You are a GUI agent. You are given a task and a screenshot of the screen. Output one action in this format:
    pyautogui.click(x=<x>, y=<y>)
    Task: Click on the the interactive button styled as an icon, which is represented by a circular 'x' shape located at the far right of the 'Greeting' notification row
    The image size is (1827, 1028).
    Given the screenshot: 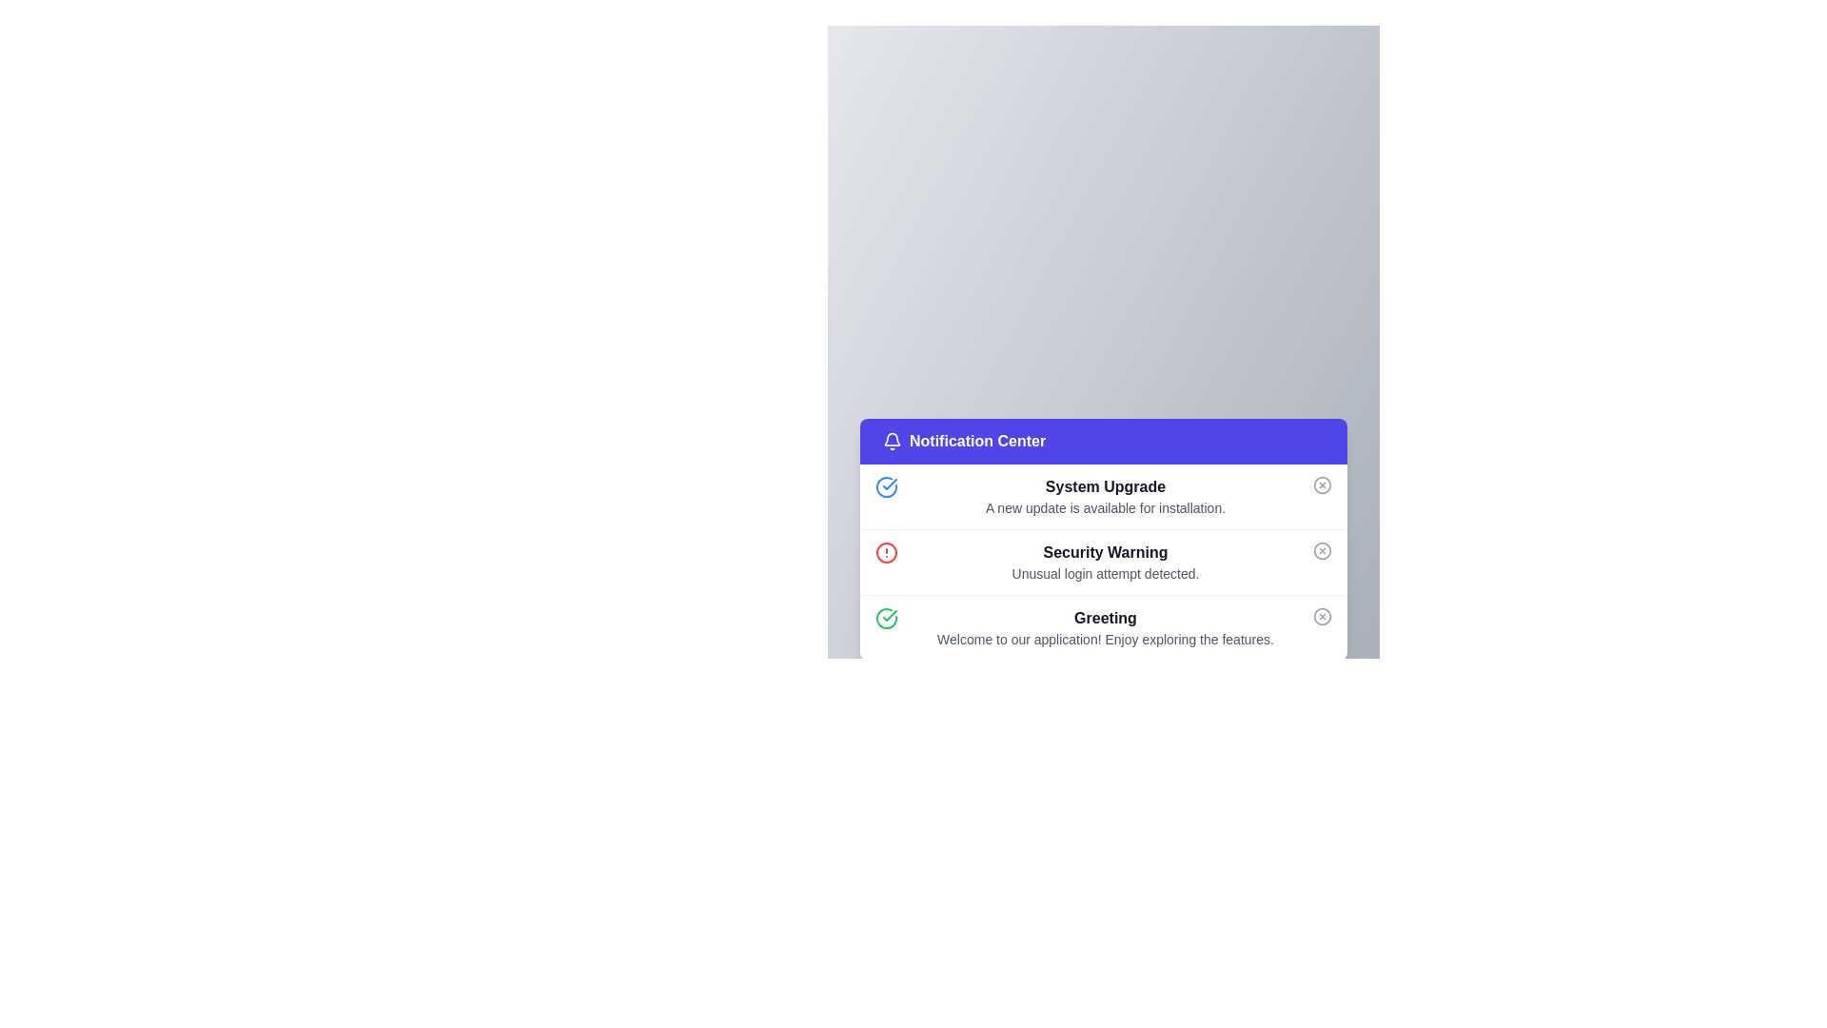 What is the action you would take?
    pyautogui.click(x=1322, y=617)
    